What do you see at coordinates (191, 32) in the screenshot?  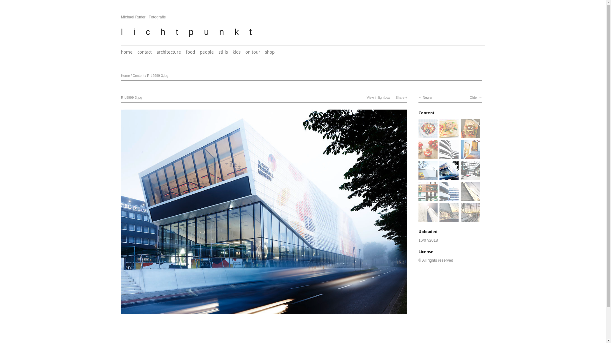 I see `'lichtpunkt'` at bounding box center [191, 32].